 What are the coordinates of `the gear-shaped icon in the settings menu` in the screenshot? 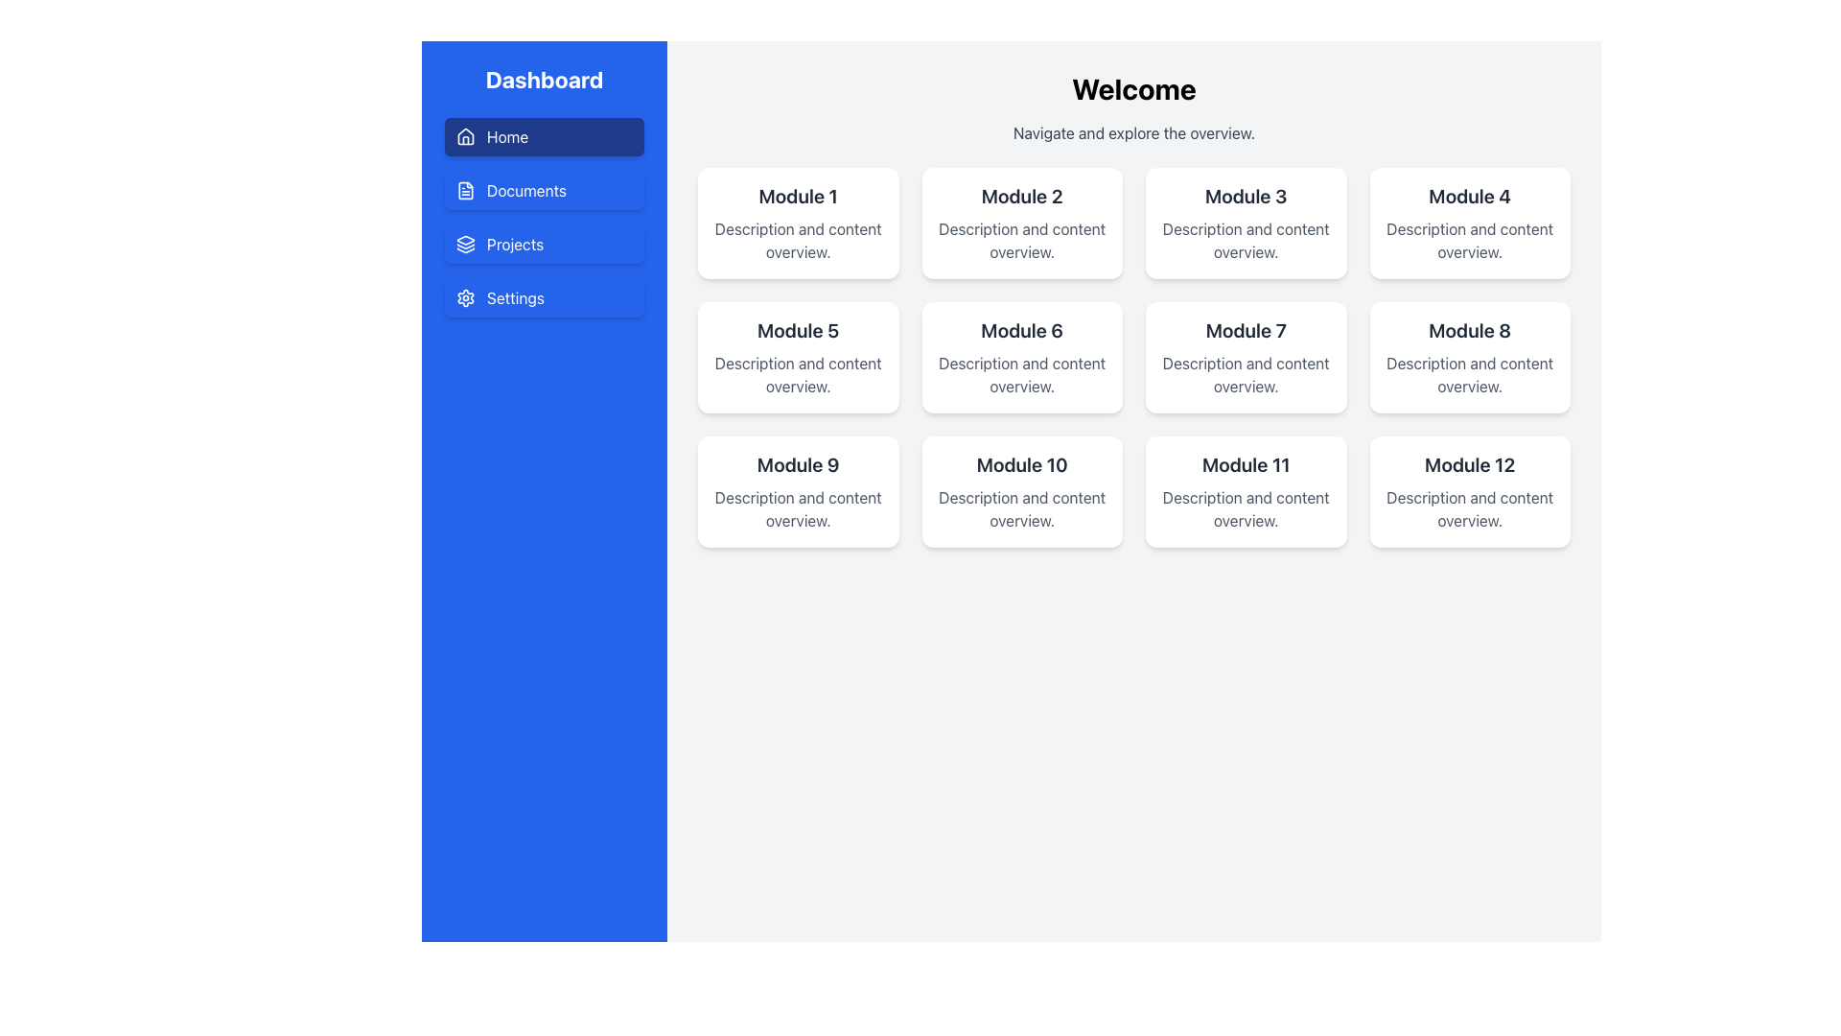 It's located at (465, 298).